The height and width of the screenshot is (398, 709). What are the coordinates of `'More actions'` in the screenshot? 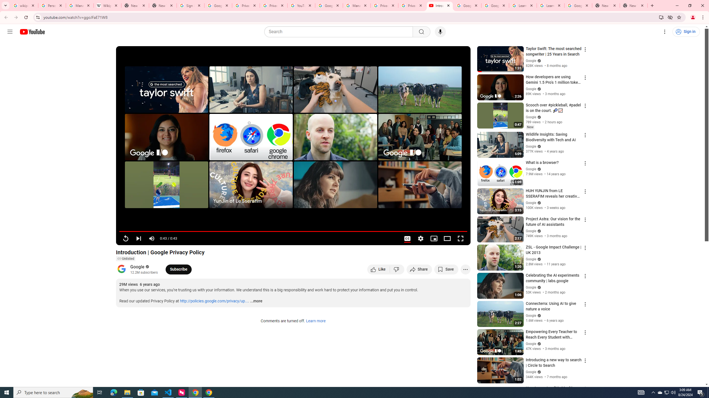 It's located at (465, 269).